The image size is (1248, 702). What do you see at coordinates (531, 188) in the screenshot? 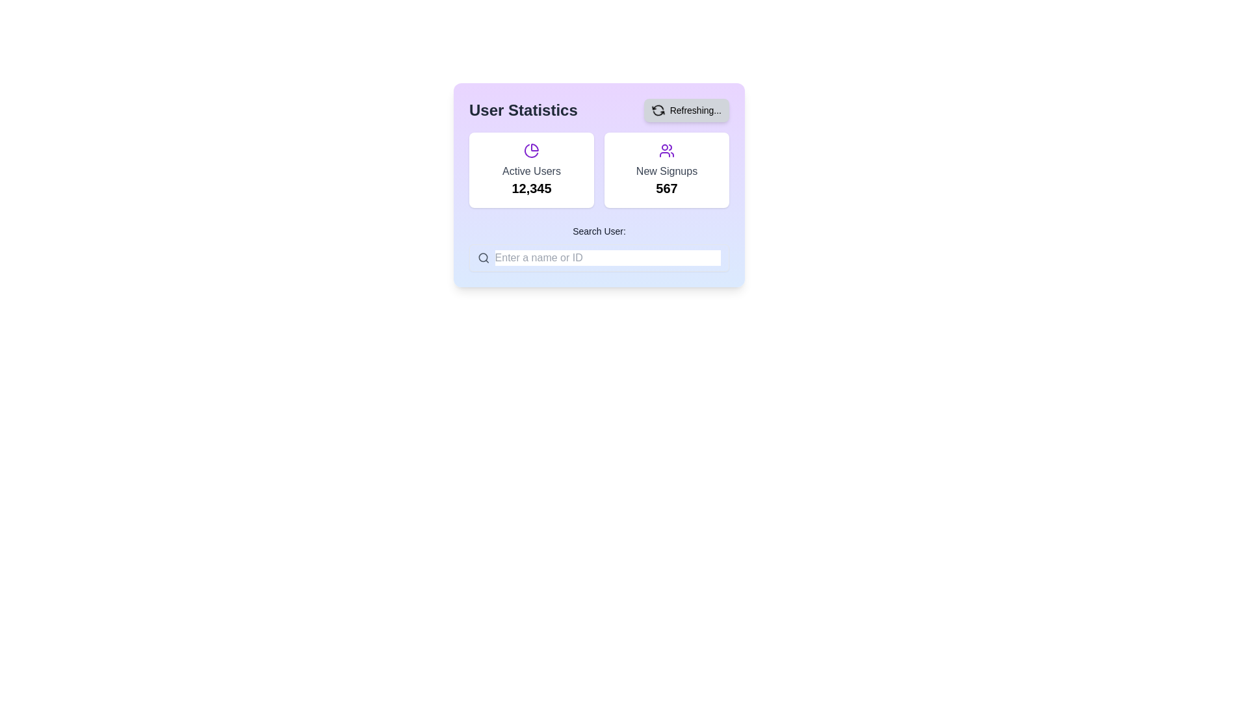
I see `the non-interactive text display that shows the number of active users, located in the 'Active Users' section beneath the label 'Active Users'` at bounding box center [531, 188].